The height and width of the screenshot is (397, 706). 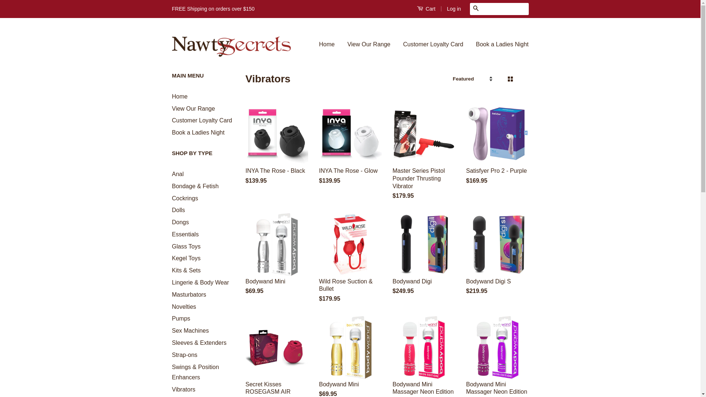 I want to click on 'List View', so click(x=522, y=79).